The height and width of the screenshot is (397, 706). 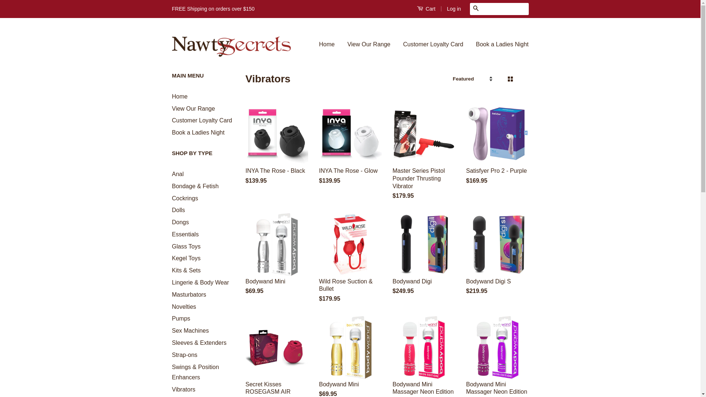 I want to click on 'List View', so click(x=522, y=79).